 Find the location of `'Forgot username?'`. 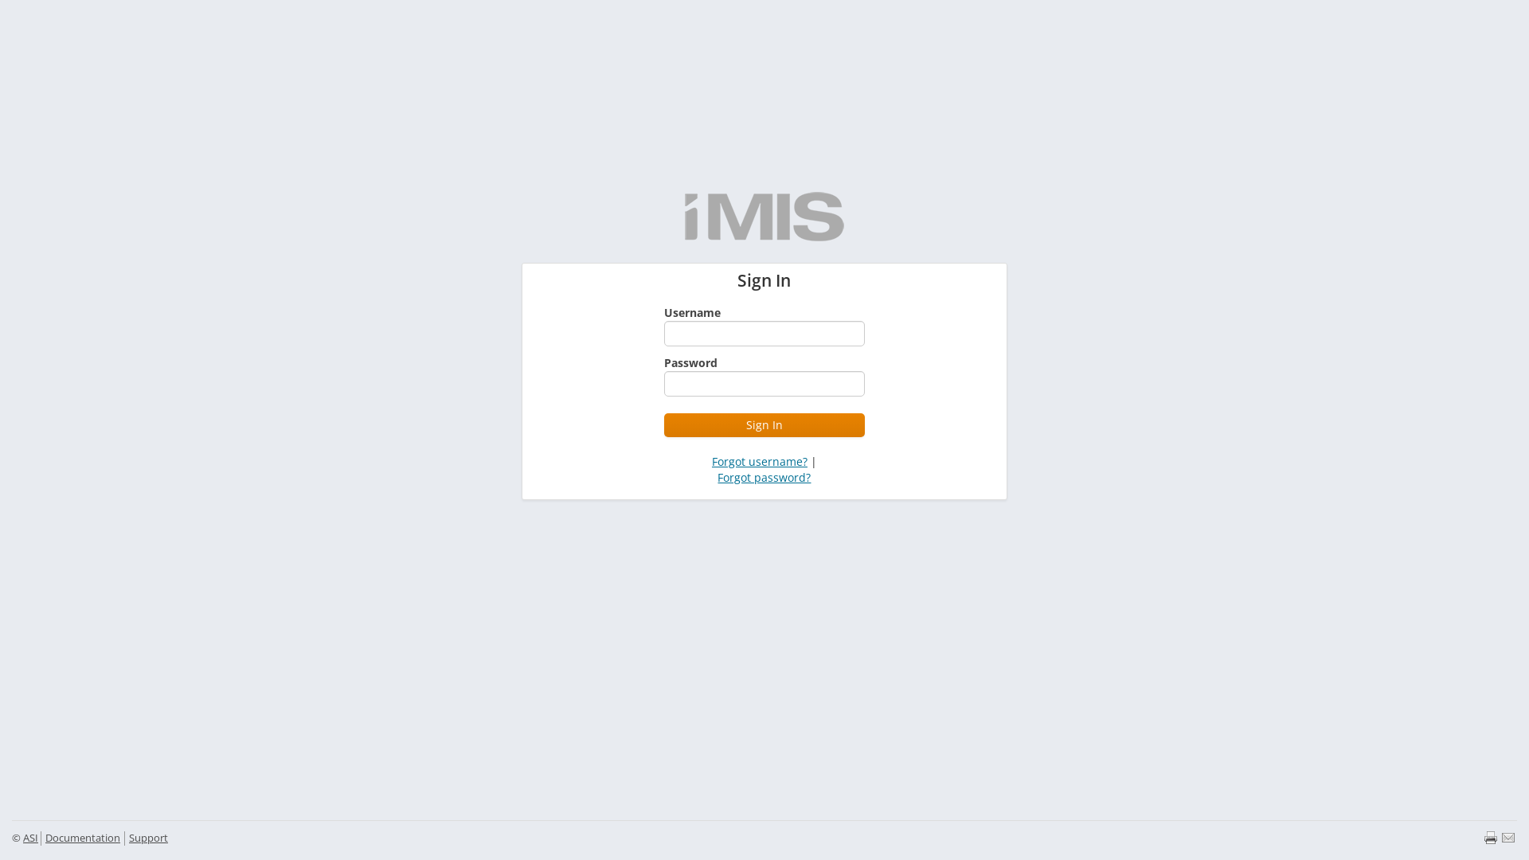

'Forgot username?' is located at coordinates (710, 461).